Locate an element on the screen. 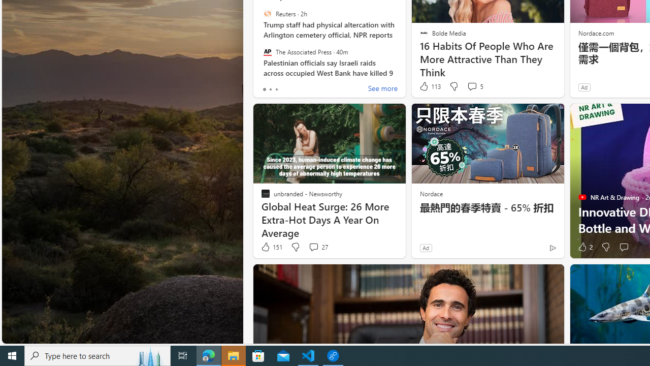  'View comments 5 Comment' is located at coordinates (471, 85).